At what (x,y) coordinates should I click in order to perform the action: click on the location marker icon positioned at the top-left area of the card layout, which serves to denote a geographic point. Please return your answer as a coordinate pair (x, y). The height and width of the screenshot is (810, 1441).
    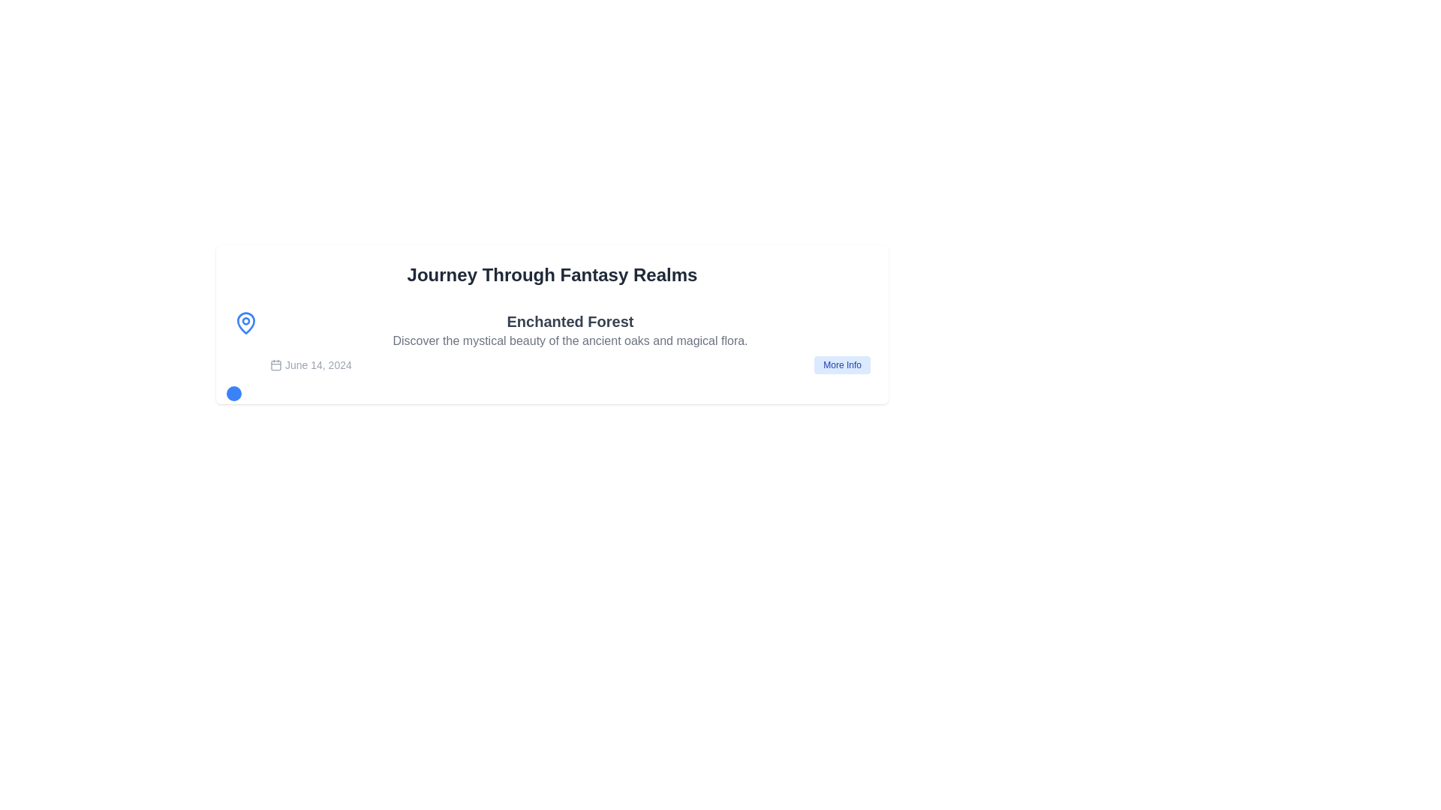
    Looking at the image, I should click on (245, 321).